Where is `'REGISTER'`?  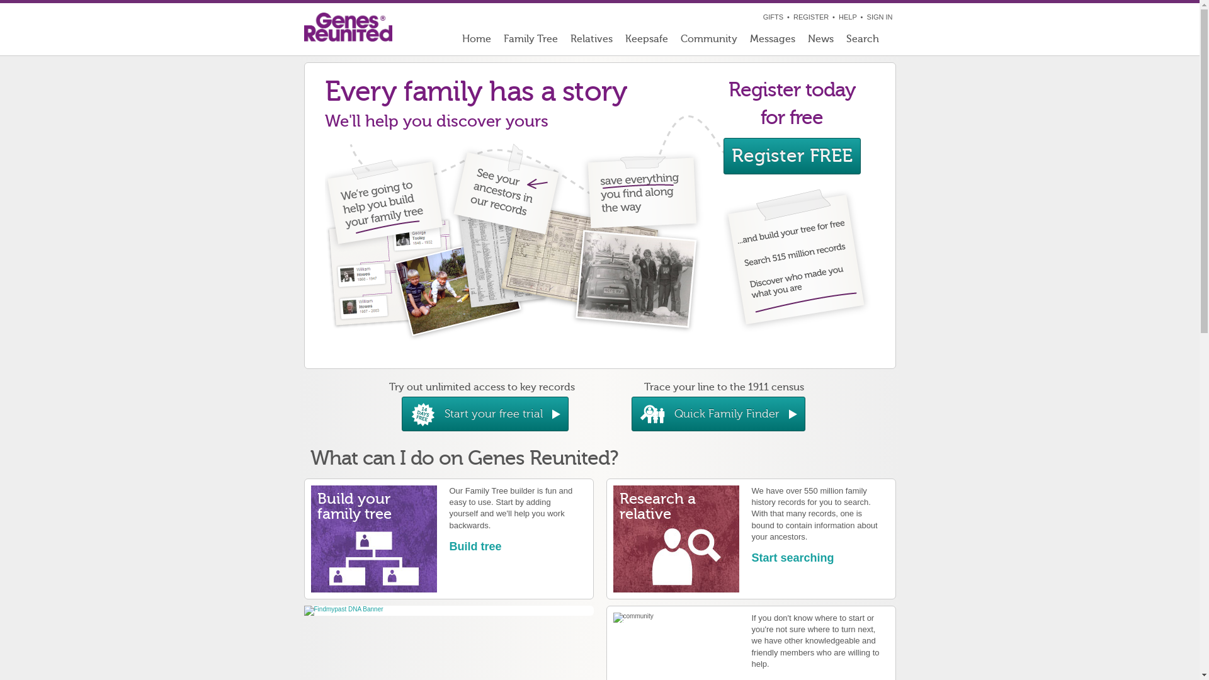 'REGISTER' is located at coordinates (792, 17).